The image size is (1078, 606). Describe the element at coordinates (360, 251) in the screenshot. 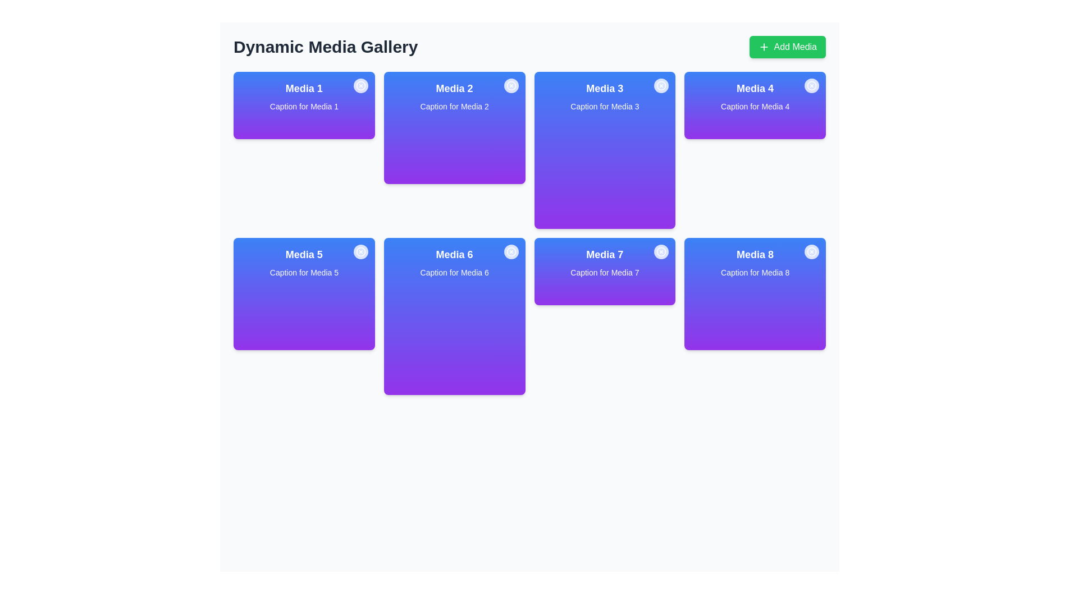

I see `the close icon located in the top-right corner of the 'Media 5' card` at that location.